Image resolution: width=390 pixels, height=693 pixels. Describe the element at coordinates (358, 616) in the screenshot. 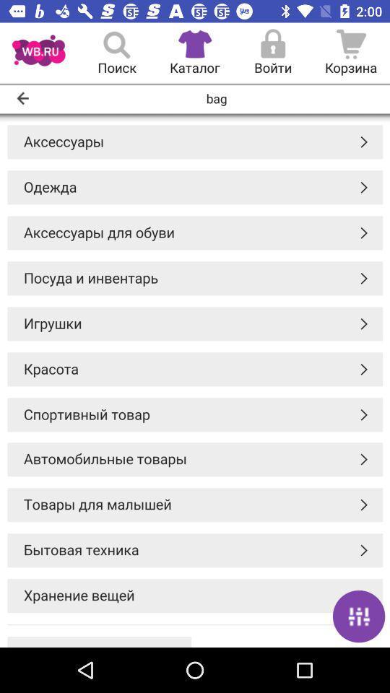

I see `the sliders icon` at that location.